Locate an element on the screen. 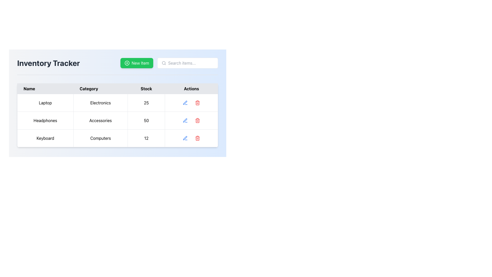 The image size is (492, 277). the red trash bin icon in the 'Actions' column of the second row of the data table is located at coordinates (197, 121).